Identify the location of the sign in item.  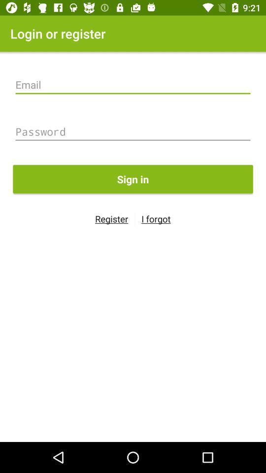
(133, 178).